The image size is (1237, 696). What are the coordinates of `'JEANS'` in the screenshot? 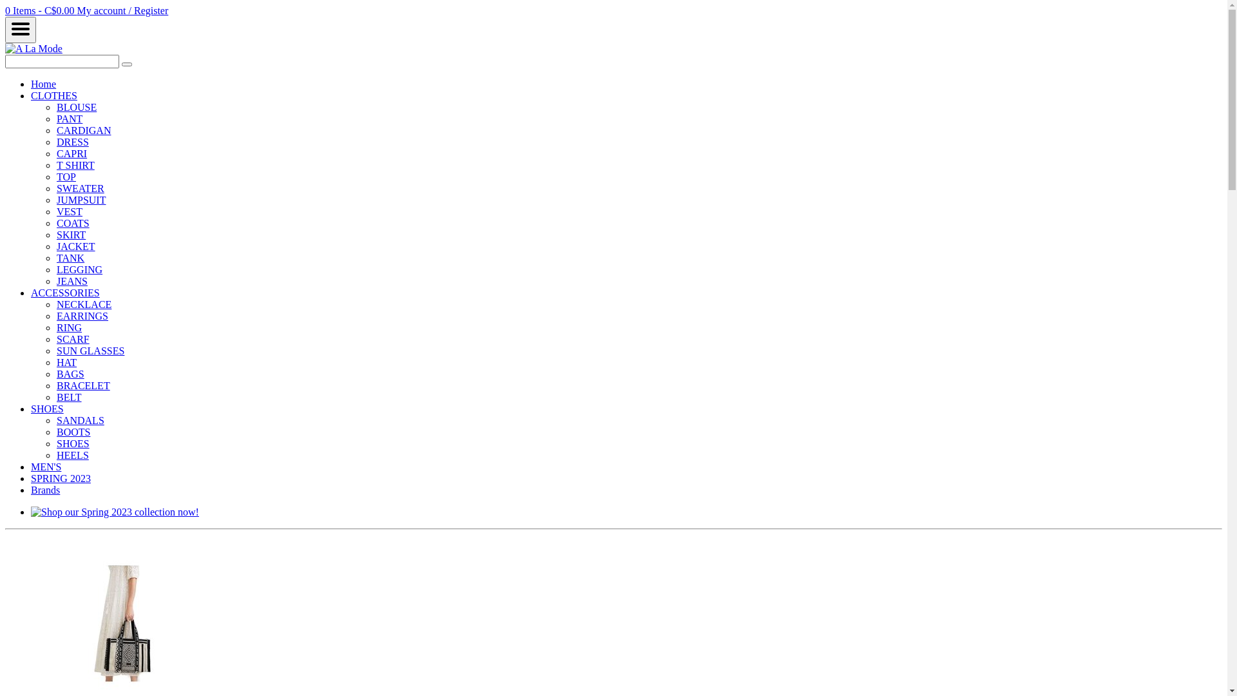 It's located at (71, 280).